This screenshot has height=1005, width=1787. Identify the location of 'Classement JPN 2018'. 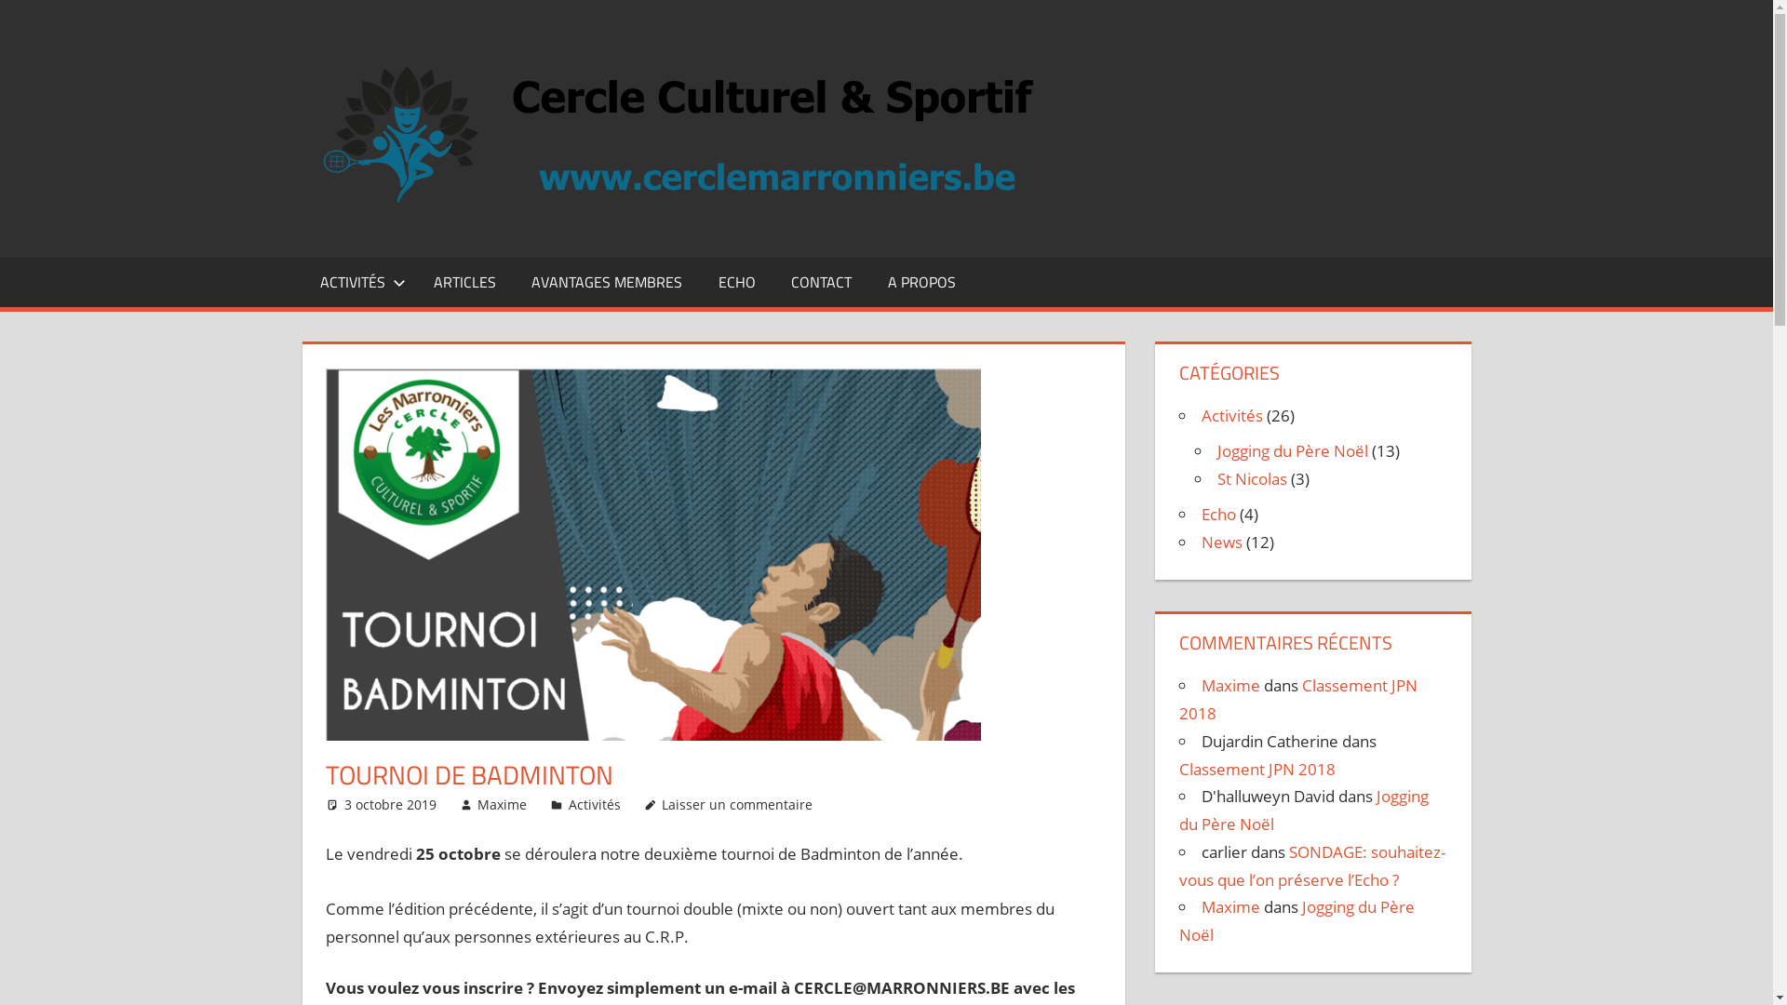
(1256, 769).